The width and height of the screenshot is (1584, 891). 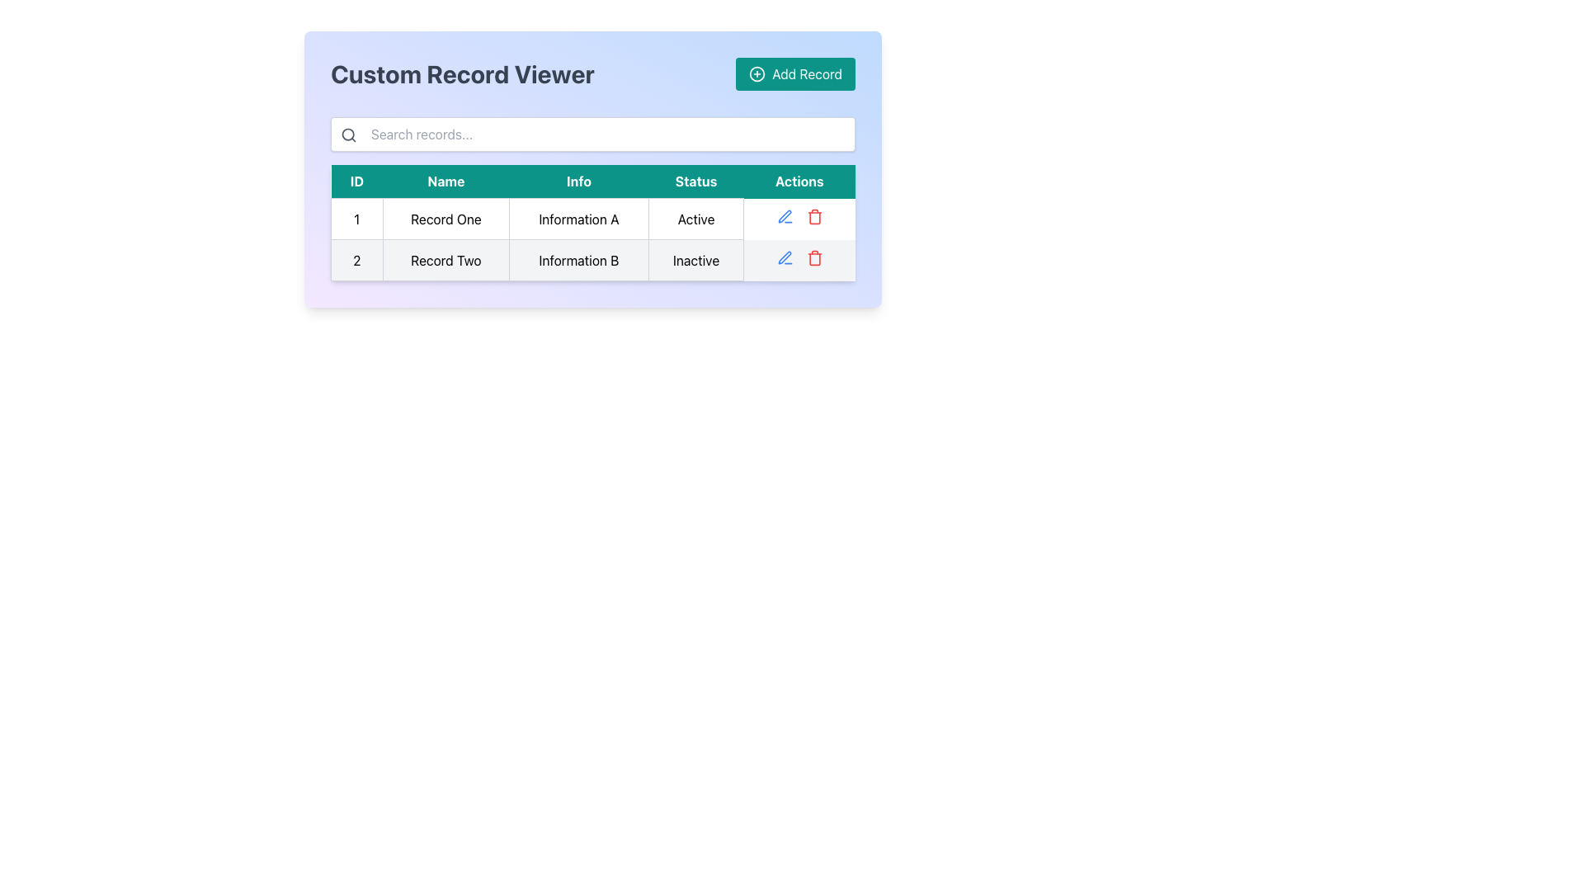 What do you see at coordinates (462, 73) in the screenshot?
I see `the 'Custom Record Viewer' text header element` at bounding box center [462, 73].